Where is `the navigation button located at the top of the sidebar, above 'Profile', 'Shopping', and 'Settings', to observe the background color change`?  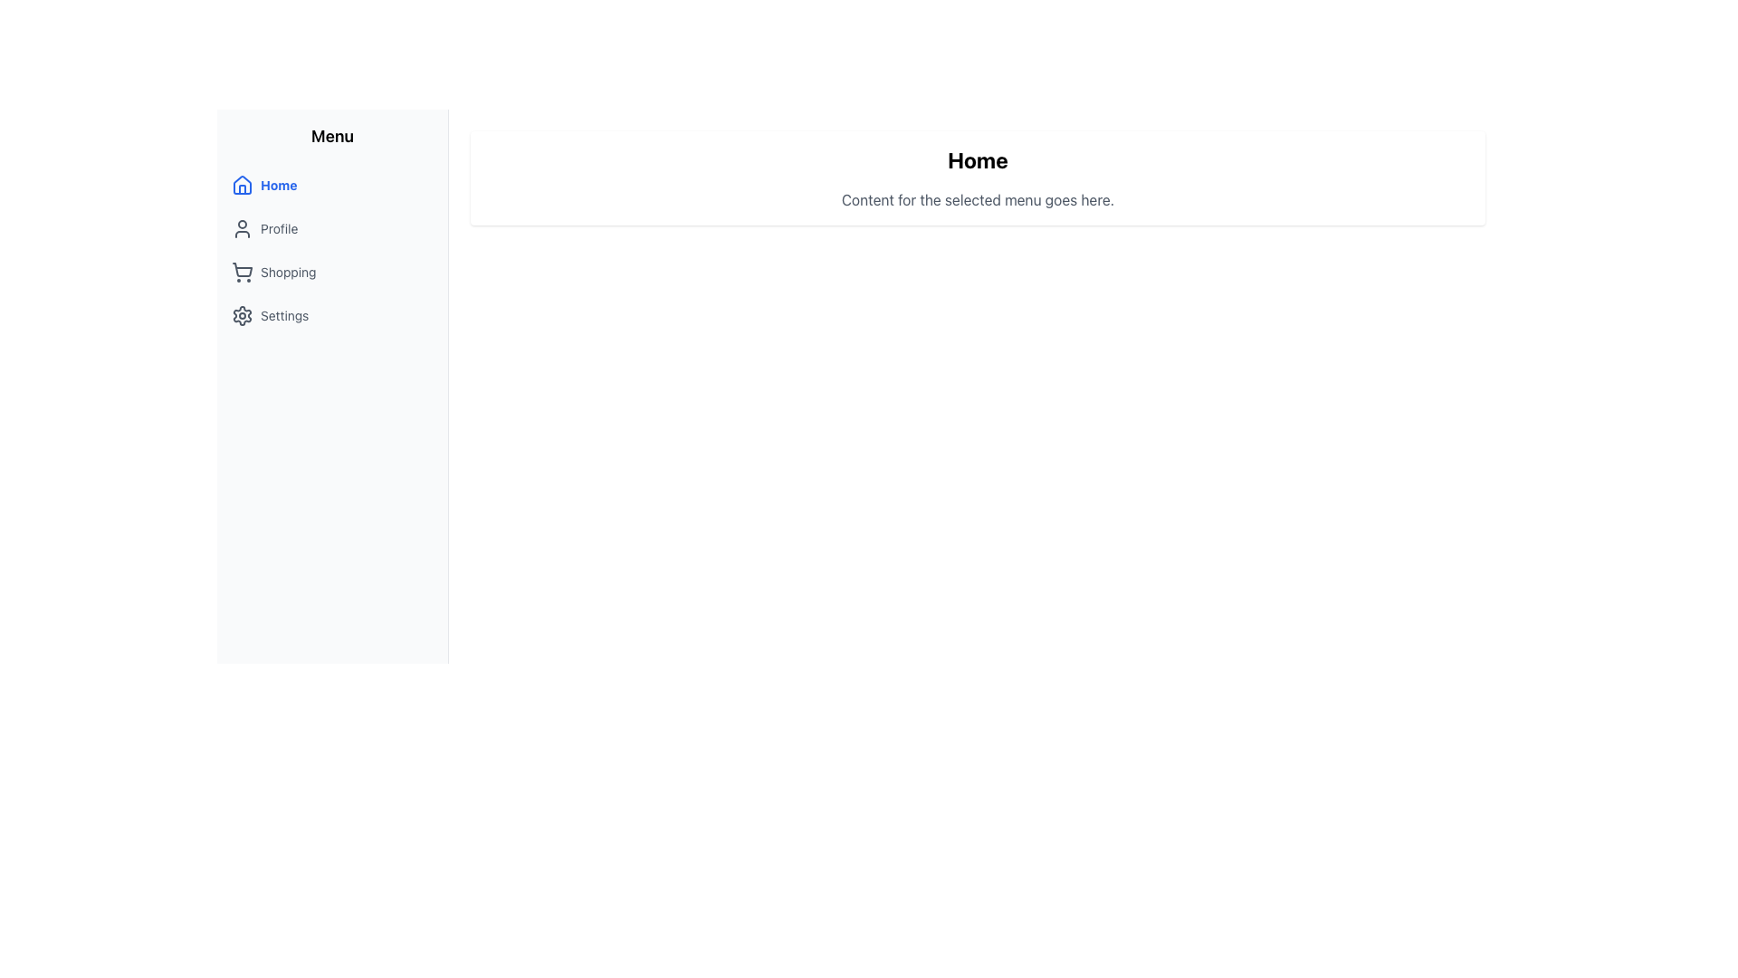 the navigation button located at the top of the sidebar, above 'Profile', 'Shopping', and 'Settings', to observe the background color change is located at coordinates (332, 185).